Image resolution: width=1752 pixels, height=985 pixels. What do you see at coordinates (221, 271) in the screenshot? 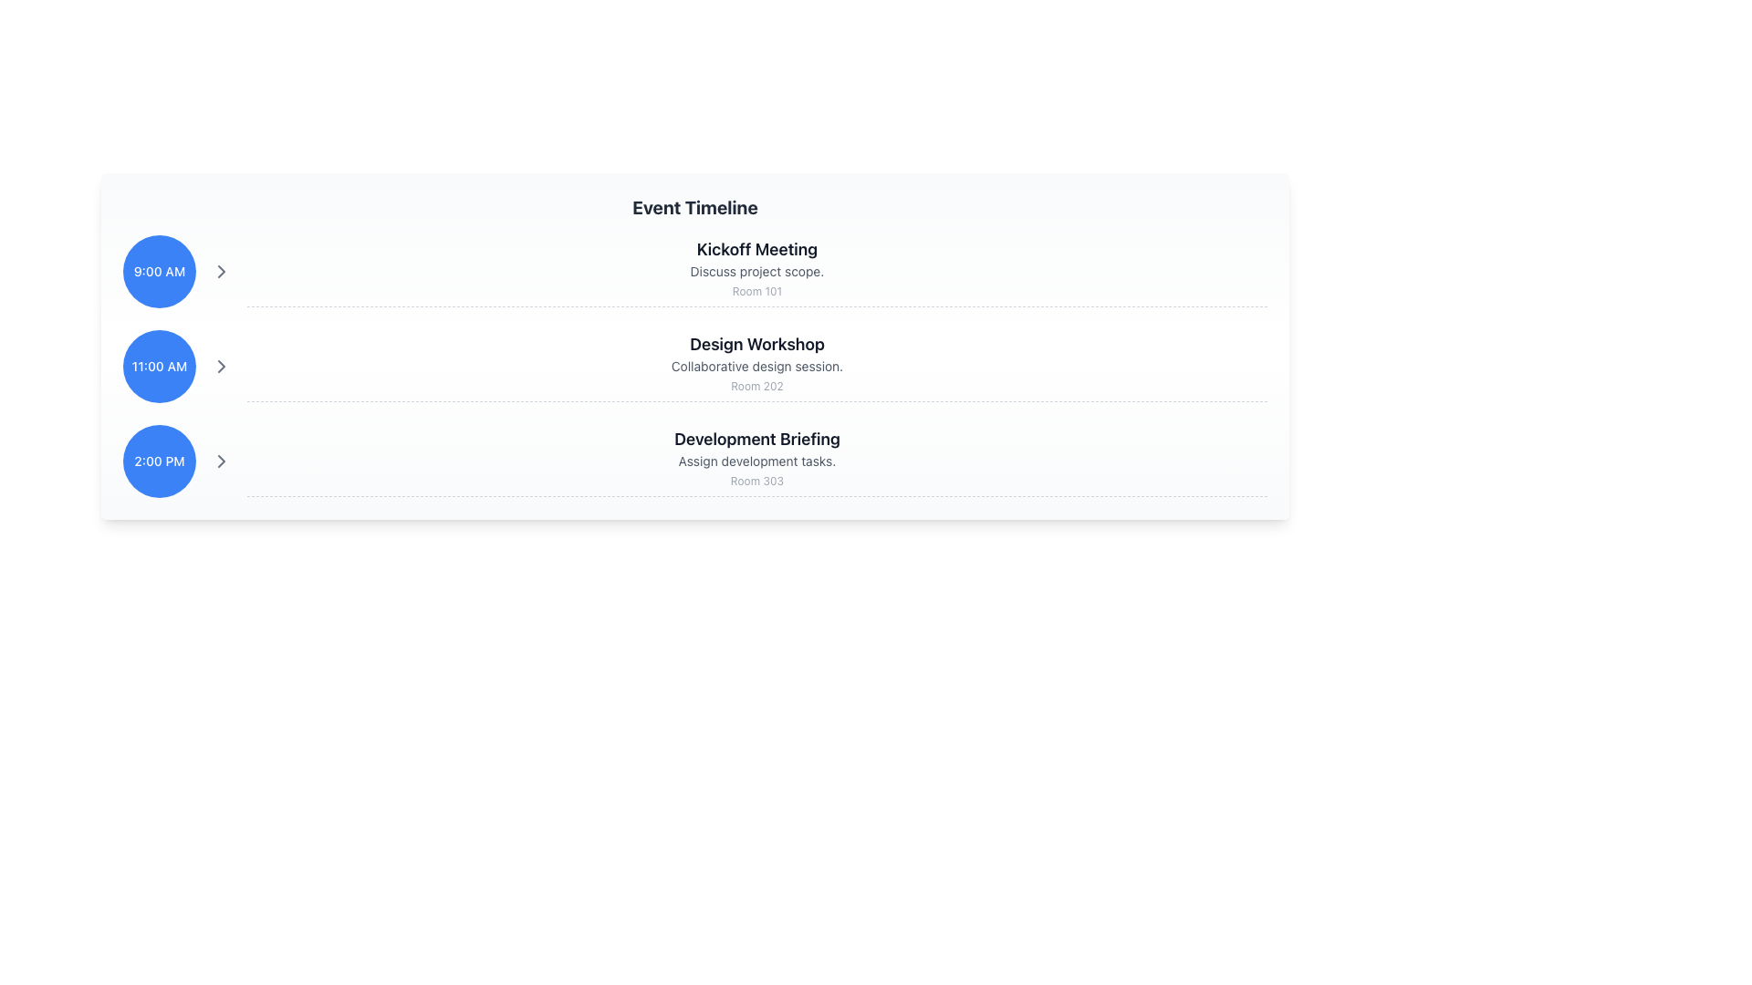
I see `the vector graphic icon located adjacent to the '9:00 AM' blue circular badge to check for additional details` at bounding box center [221, 271].